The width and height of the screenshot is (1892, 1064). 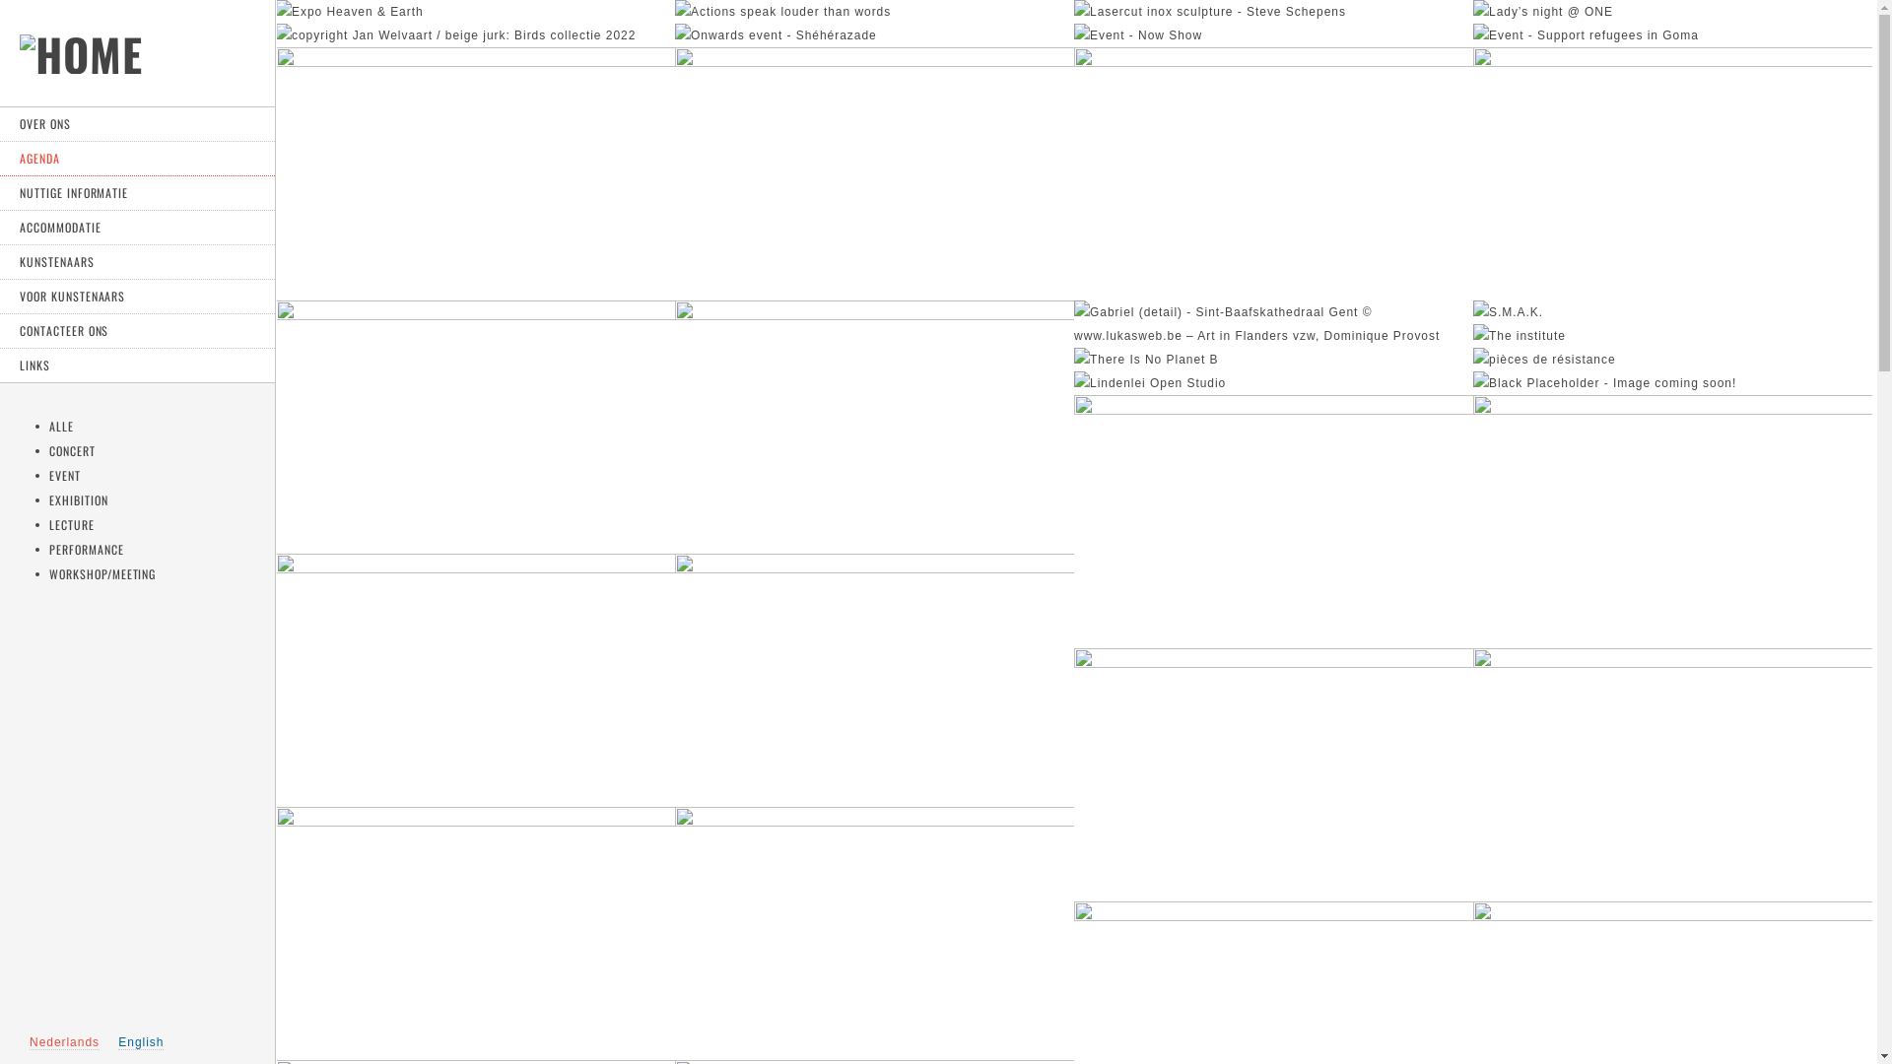 What do you see at coordinates (79, 499) in the screenshot?
I see `'EXHIBITION'` at bounding box center [79, 499].